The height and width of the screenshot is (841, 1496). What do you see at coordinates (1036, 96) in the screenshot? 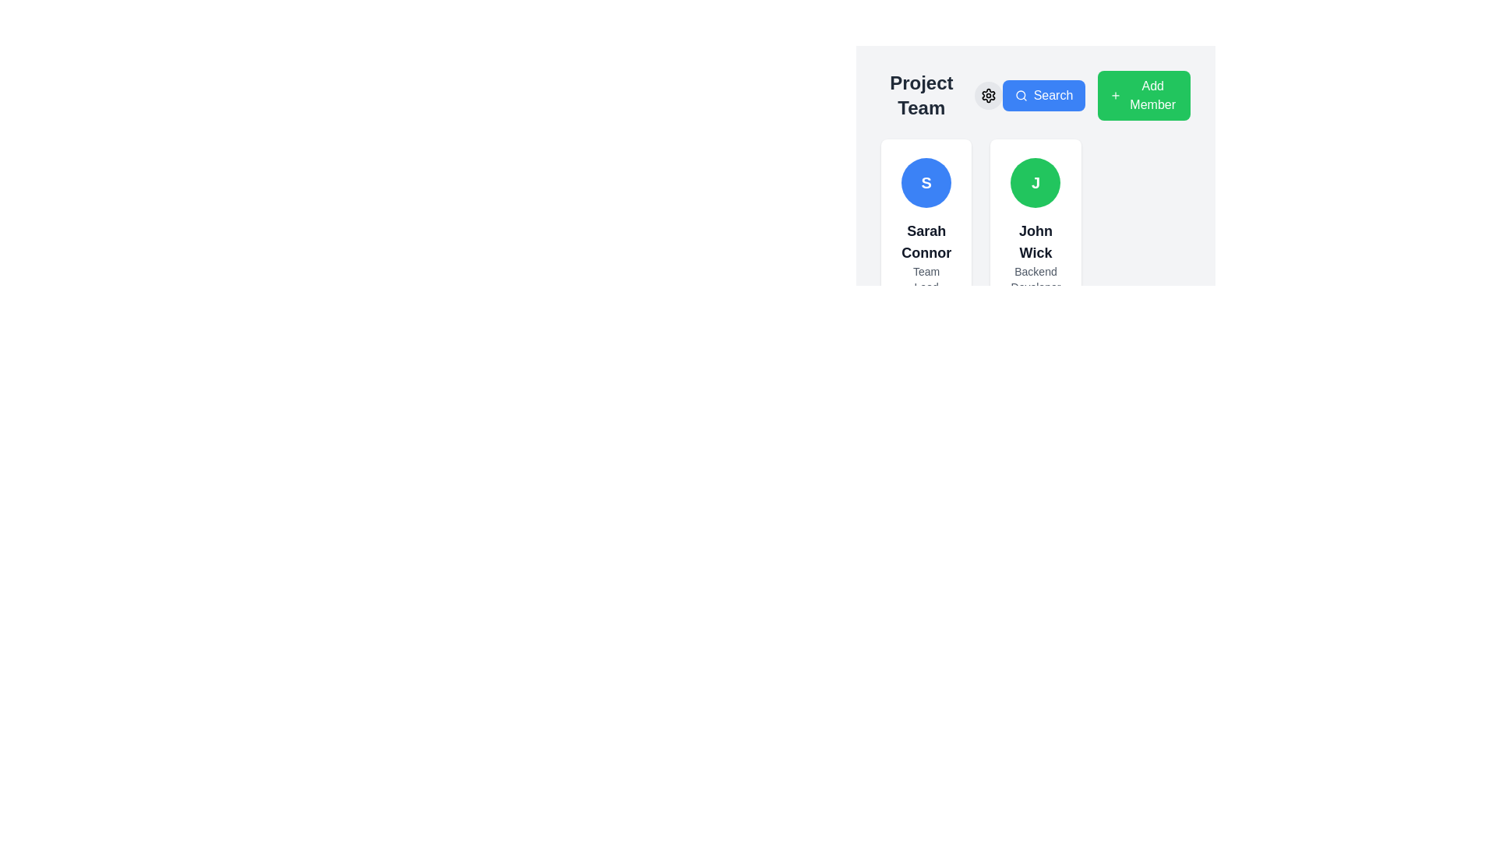
I see `the blue 'Search' button with a magnifying glass icon` at bounding box center [1036, 96].